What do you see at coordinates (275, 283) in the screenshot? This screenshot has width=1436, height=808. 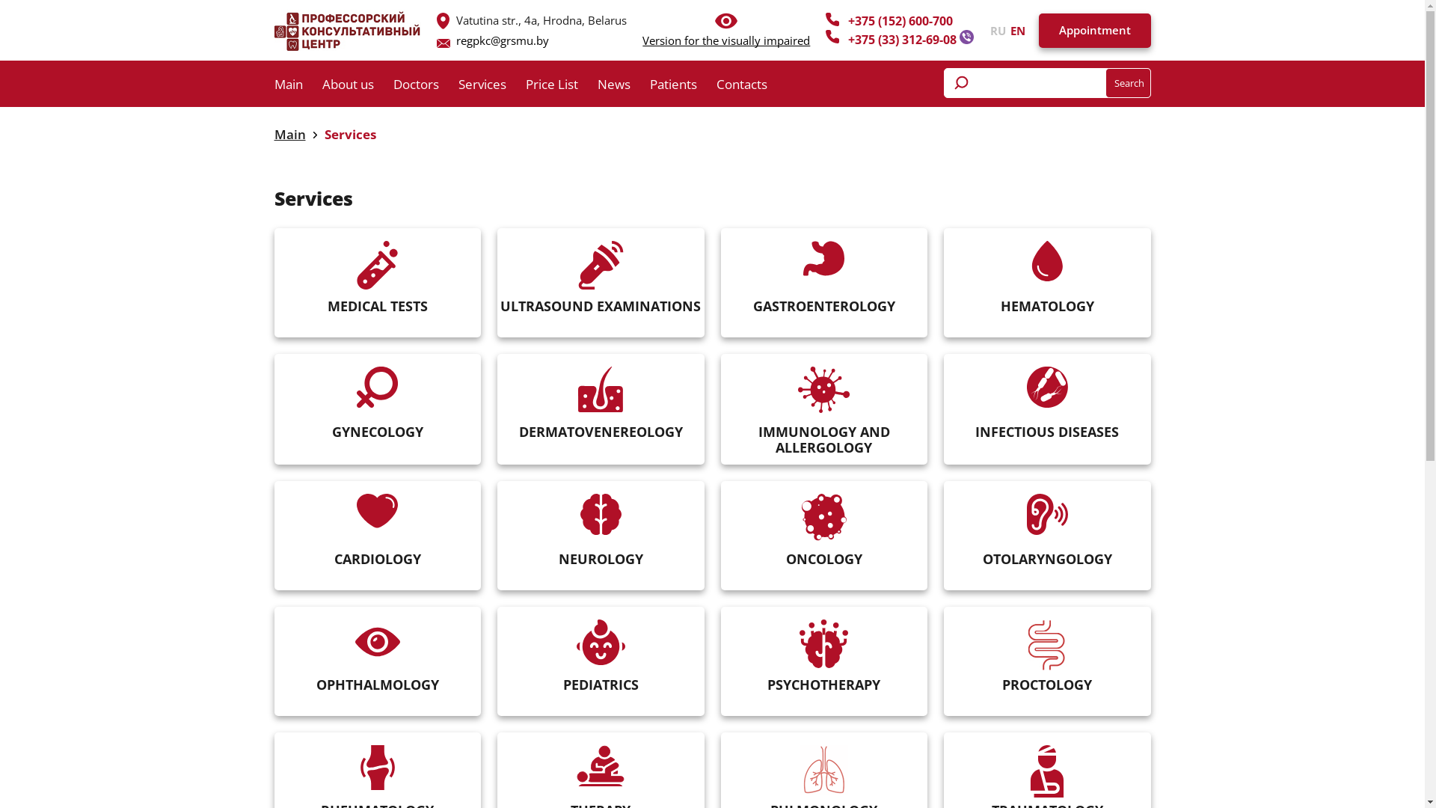 I see `'MEDICAL TESTS'` at bounding box center [275, 283].